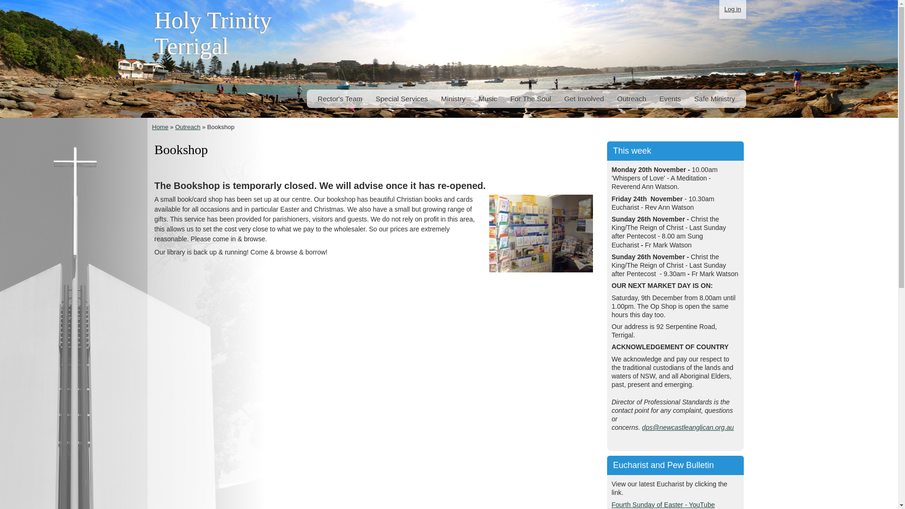  Describe the element at coordinates (339, 99) in the screenshot. I see `'Rector's Team'` at that location.